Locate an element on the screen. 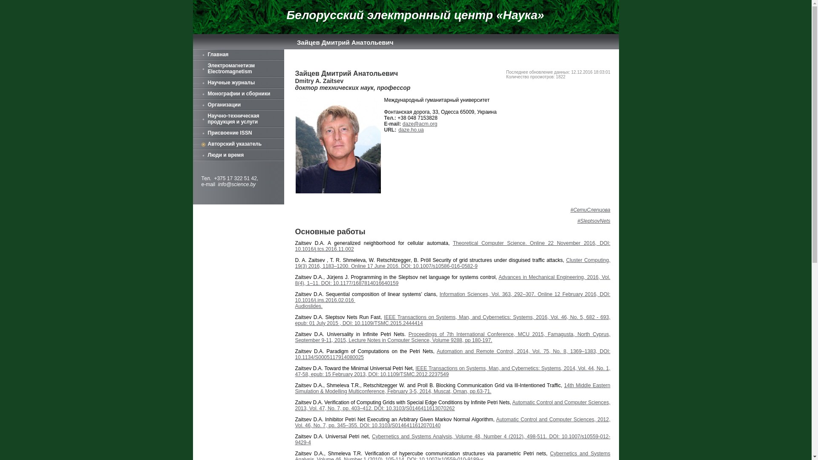  'daze.ho.ua' is located at coordinates (411, 129).